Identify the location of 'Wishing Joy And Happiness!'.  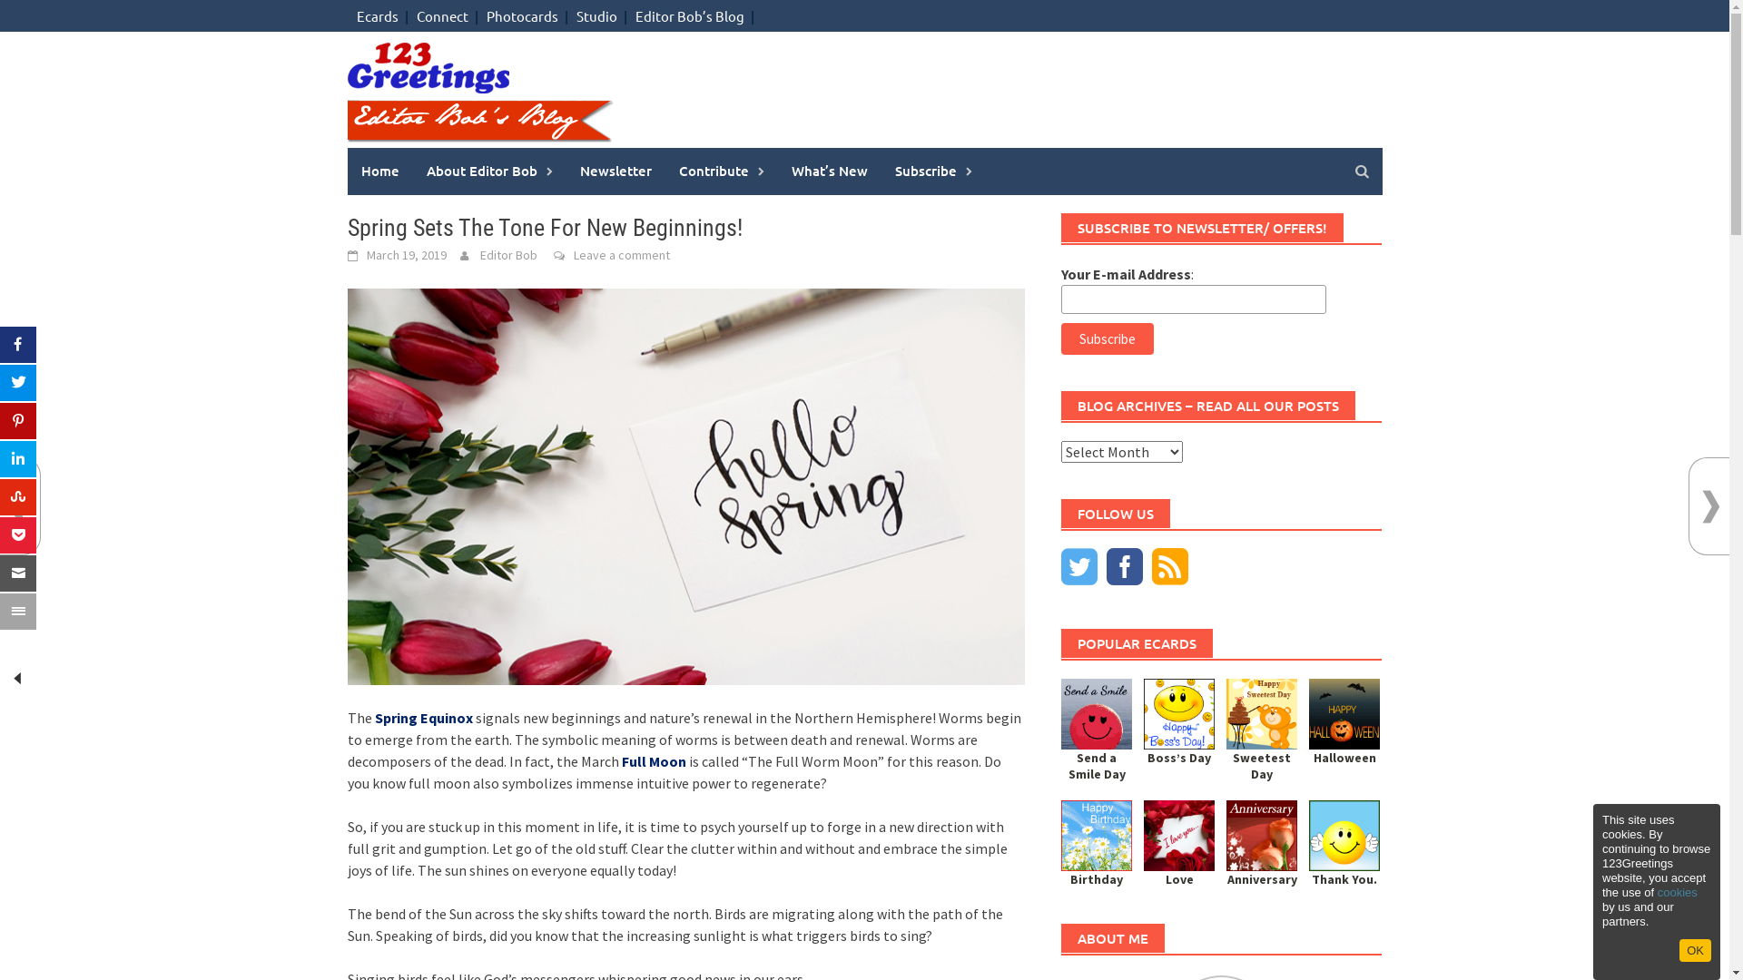
(1261, 836).